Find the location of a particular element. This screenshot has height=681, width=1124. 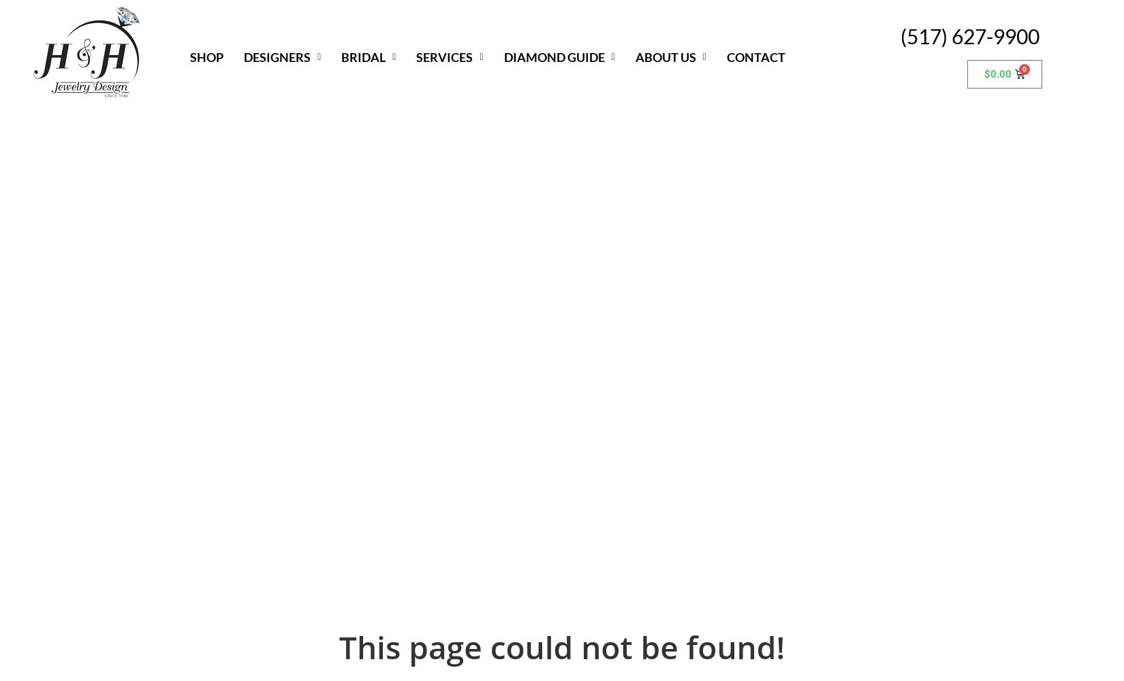

'Appraisals' is located at coordinates (454, 128).